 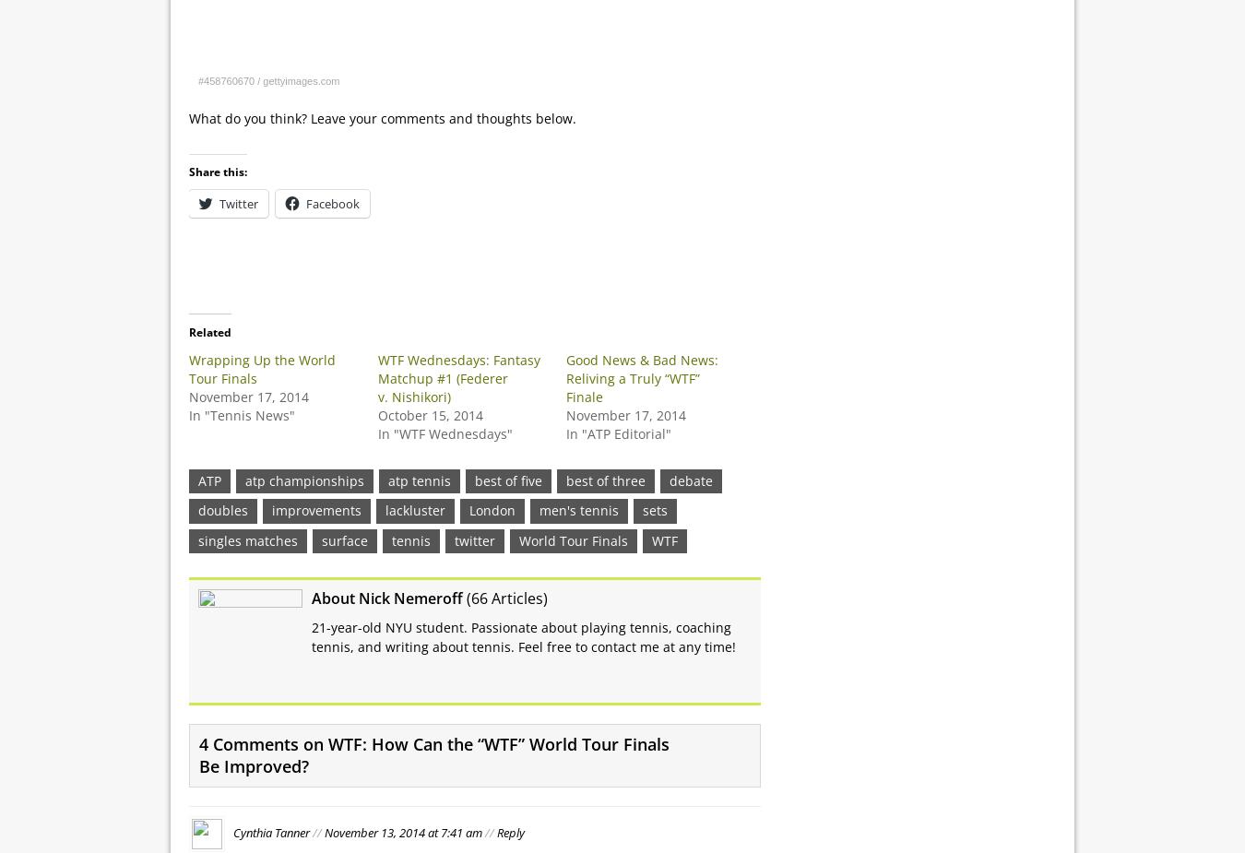 I want to click on '66 Articles', so click(x=505, y=598).